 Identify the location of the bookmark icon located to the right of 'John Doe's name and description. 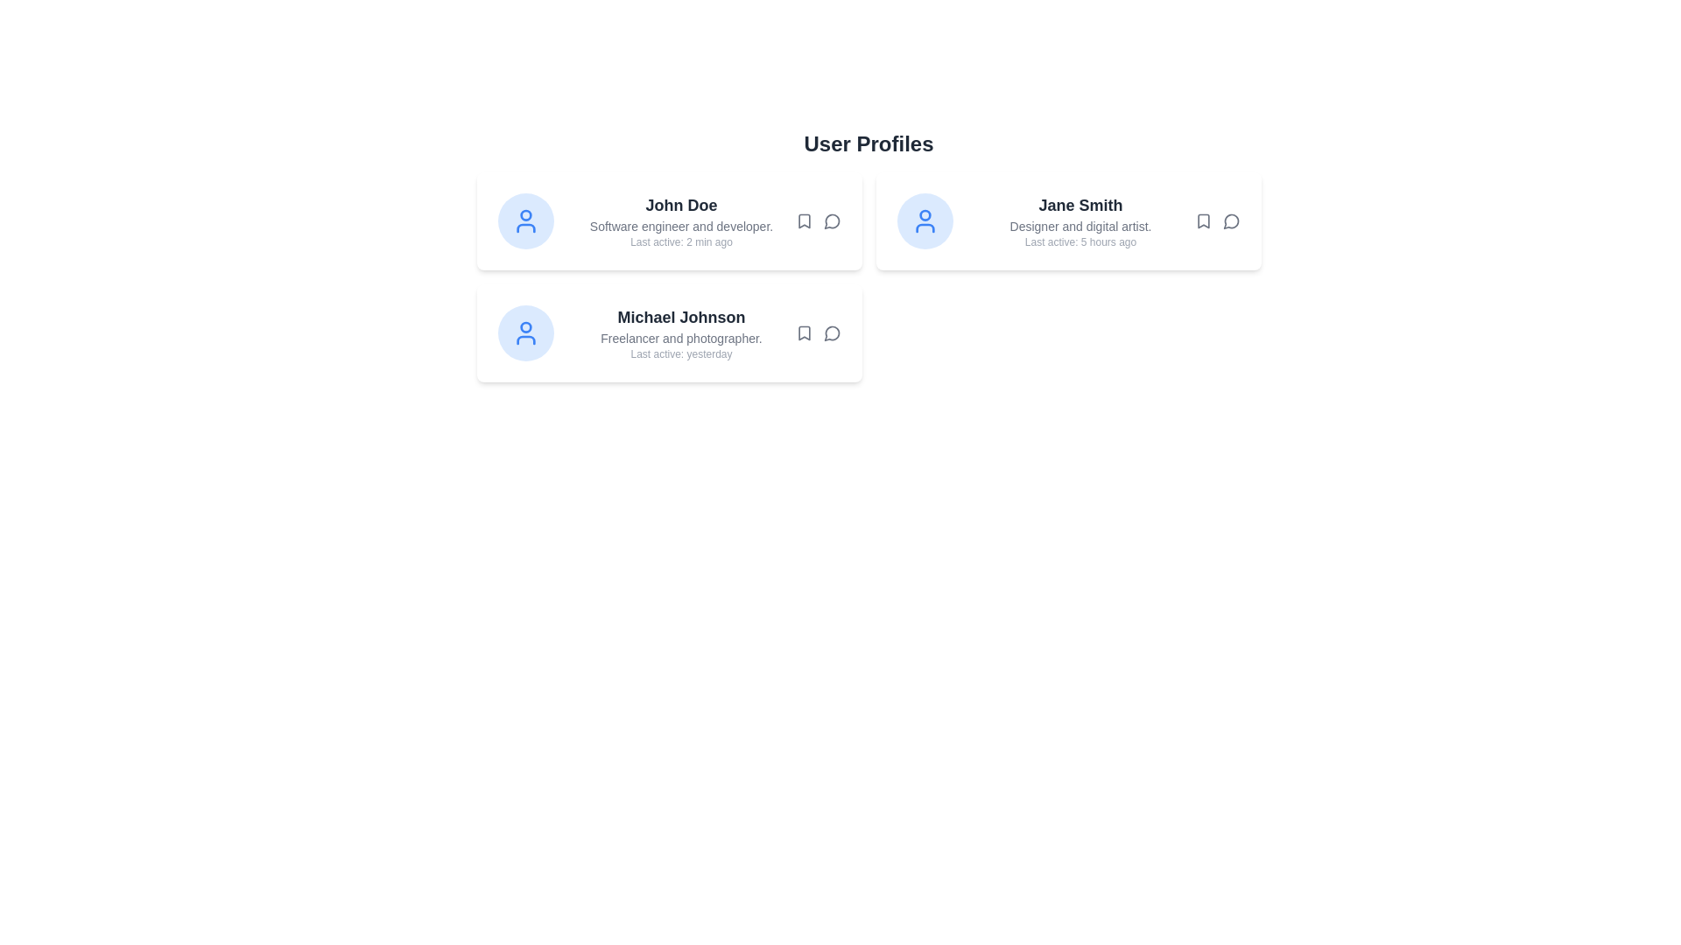
(803, 220).